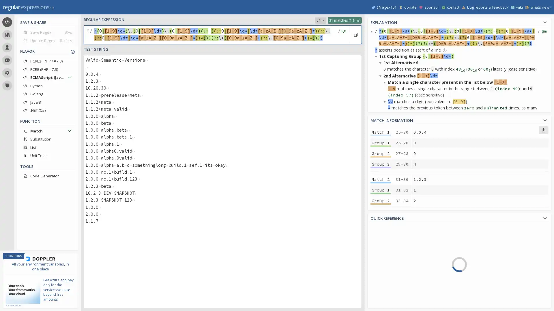 This screenshot has height=311, width=554. Describe the element at coordinates (377, 199) in the screenshot. I see `Collapse Subtree` at that location.